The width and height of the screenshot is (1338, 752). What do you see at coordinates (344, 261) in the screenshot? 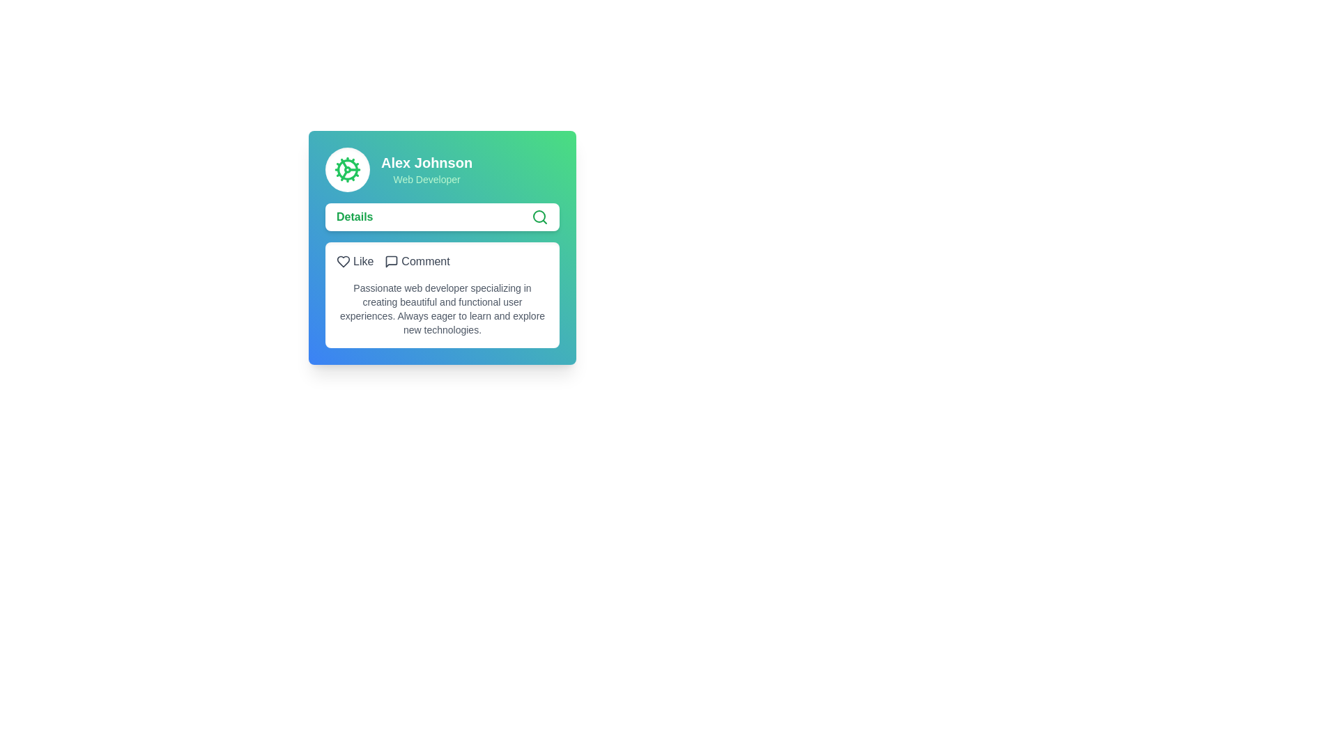
I see `the heart icon located on the left side of the 'Like' option within the interactive panel of a card interface` at bounding box center [344, 261].